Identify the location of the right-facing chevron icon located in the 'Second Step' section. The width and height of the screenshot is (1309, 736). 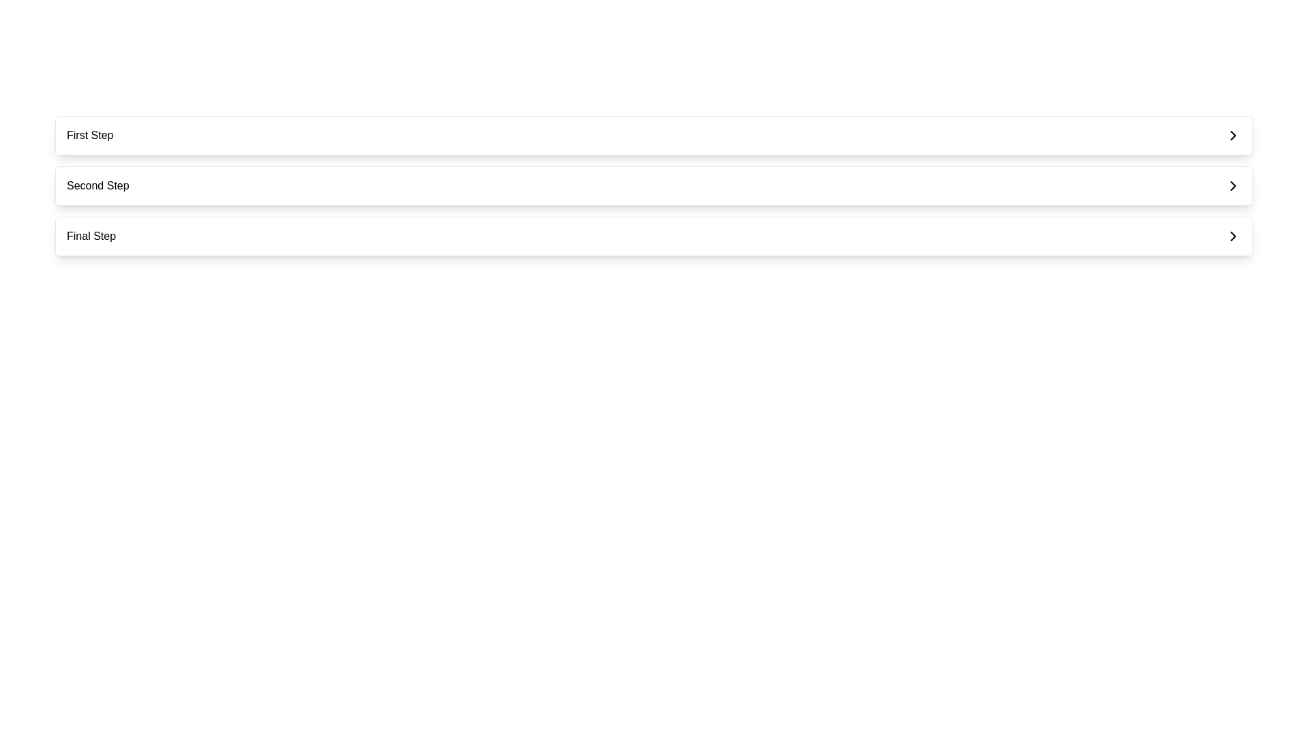
(1233, 186).